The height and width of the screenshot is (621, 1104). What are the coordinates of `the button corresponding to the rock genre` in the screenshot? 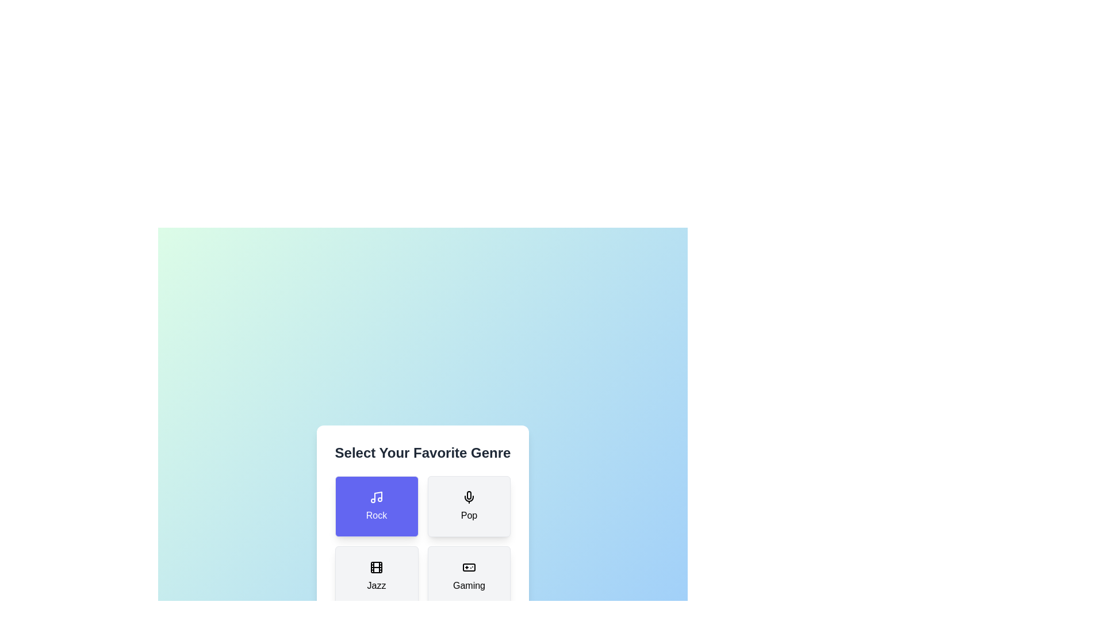 It's located at (377, 506).